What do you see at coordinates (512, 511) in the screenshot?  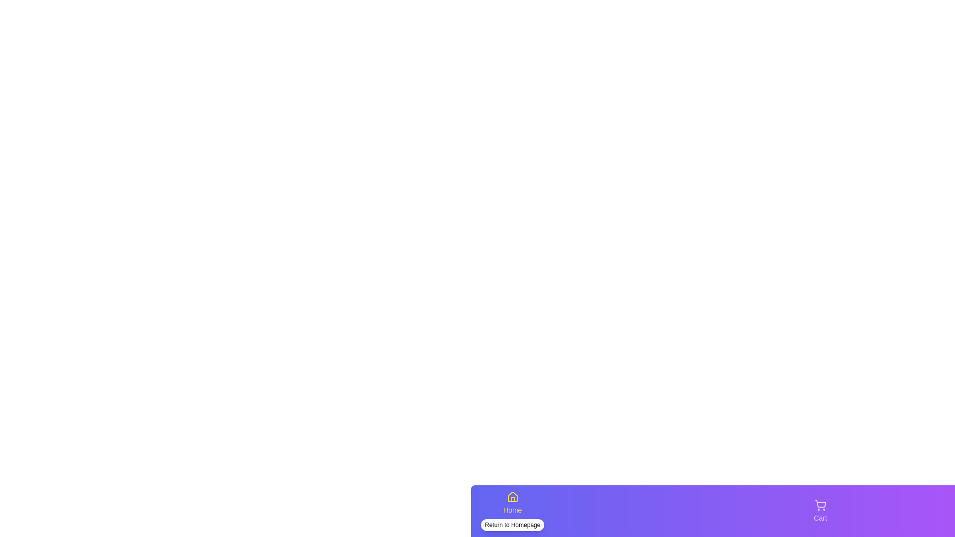 I see `the Home navigation tab` at bounding box center [512, 511].